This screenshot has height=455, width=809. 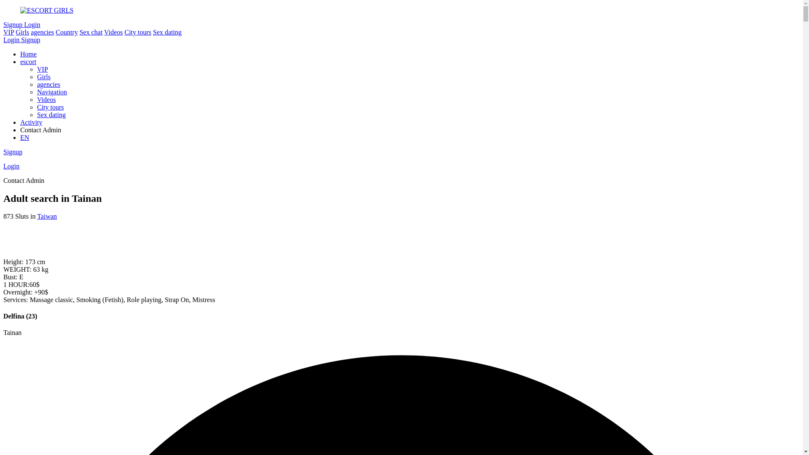 What do you see at coordinates (3, 166) in the screenshot?
I see `'Login'` at bounding box center [3, 166].